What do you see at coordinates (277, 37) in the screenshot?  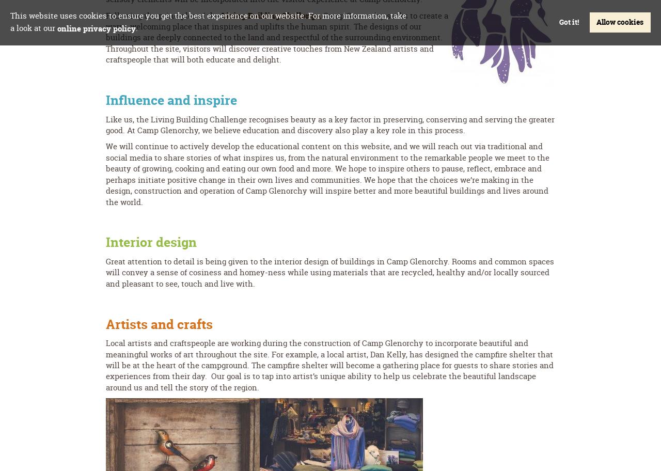 I see `', Camp Glenorchy seeks to create a warm, welcoming place that inspires and uplifts the human spirit. The designs of our buildings are deeply connected to the land and respectful of the surrounding environment. Throughout the site, visitors will discover creative touches from New Zealand artists and craftspeople that will both educate and delight.'` at bounding box center [277, 37].